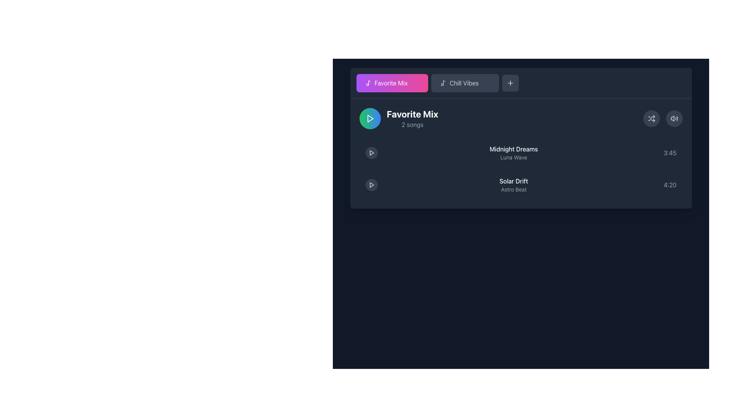 The image size is (732, 412). Describe the element at coordinates (371, 153) in the screenshot. I see `the circular play button with a dark gray background and a white triangular play icon located in the song entry 'Midnight Dreams - Luna Wave'` at that location.